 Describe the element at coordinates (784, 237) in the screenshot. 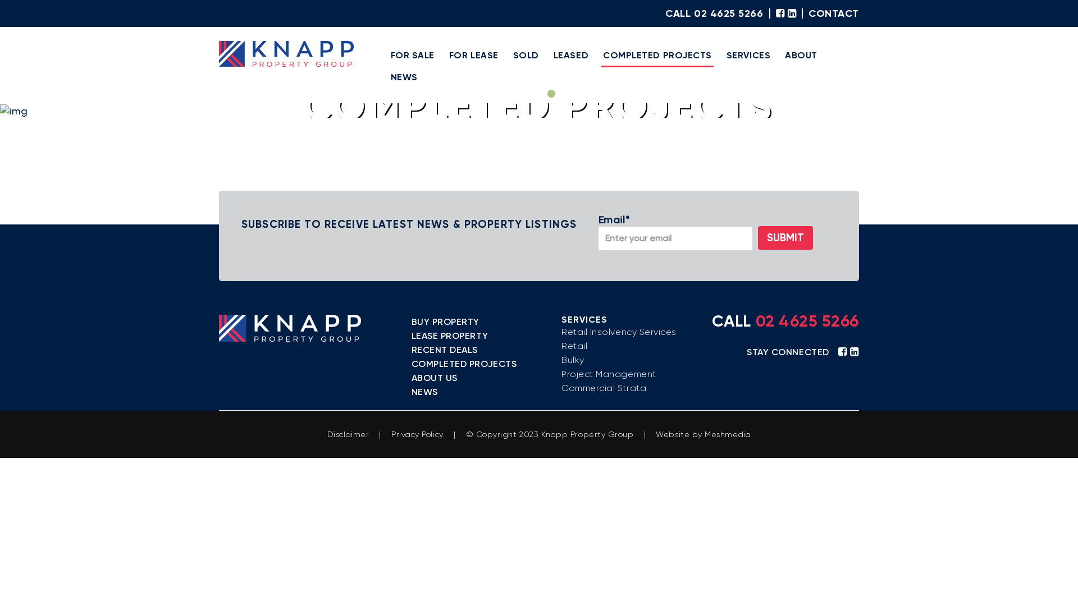

I see `'SUBMIT'` at that location.